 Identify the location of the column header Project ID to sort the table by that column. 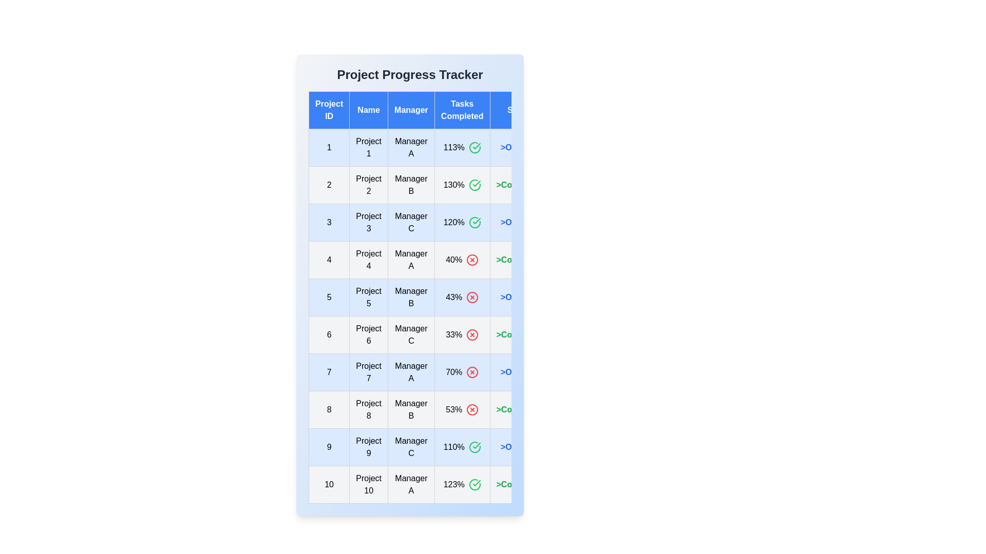
(329, 110).